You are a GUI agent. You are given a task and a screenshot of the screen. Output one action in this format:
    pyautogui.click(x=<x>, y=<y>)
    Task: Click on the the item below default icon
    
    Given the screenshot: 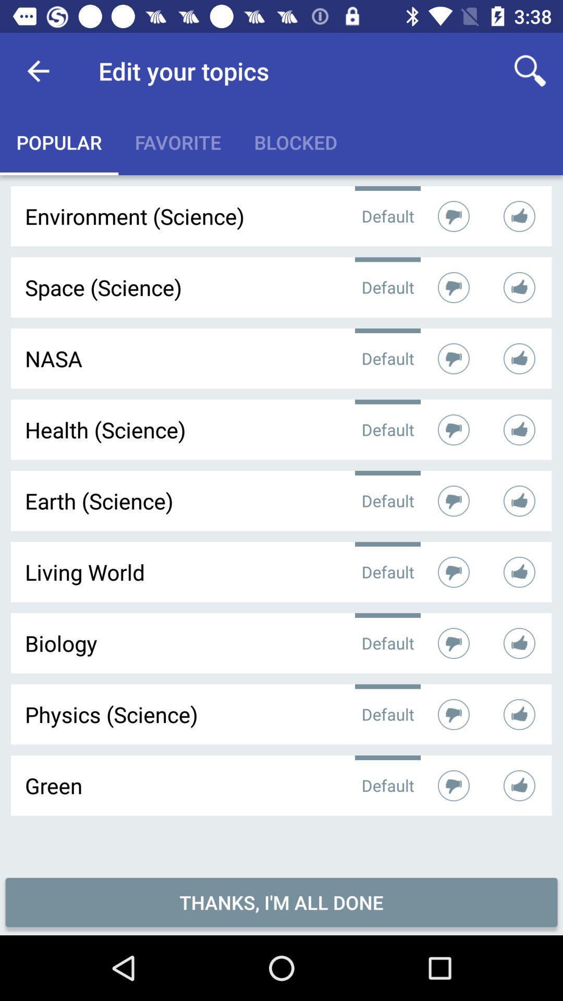 What is the action you would take?
    pyautogui.click(x=281, y=902)
    